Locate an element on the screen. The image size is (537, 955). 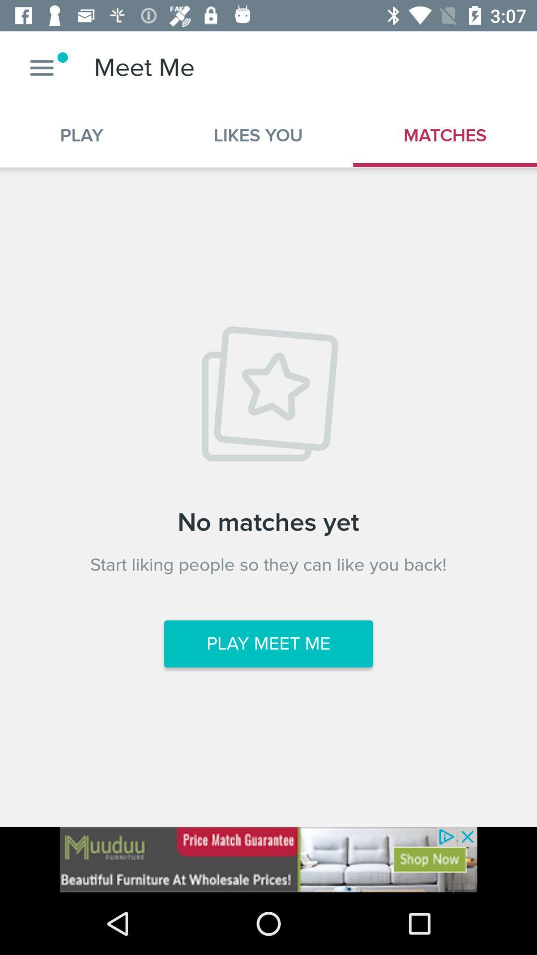
settings is located at coordinates (41, 67).